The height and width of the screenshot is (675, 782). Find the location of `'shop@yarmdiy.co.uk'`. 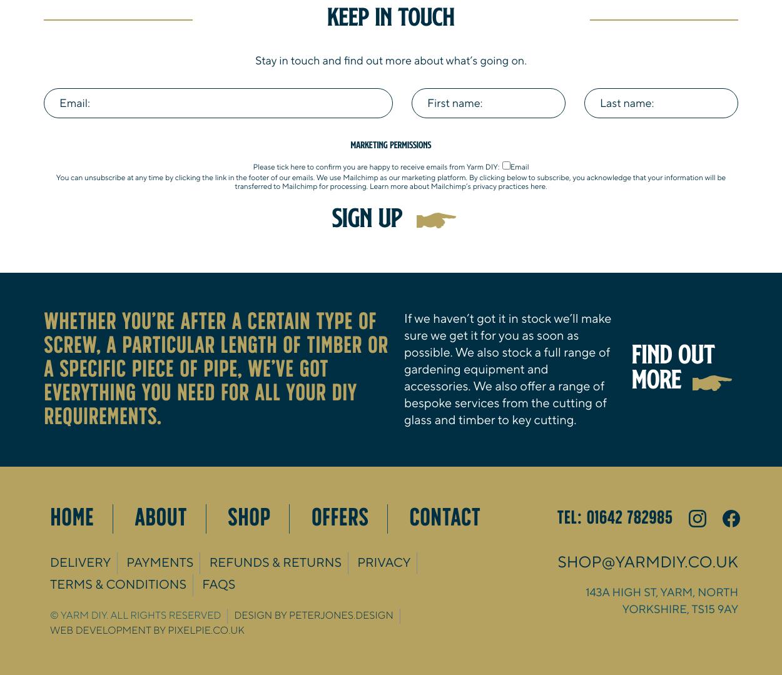

'shop@yarmdiy.co.uk' is located at coordinates (647, 562).